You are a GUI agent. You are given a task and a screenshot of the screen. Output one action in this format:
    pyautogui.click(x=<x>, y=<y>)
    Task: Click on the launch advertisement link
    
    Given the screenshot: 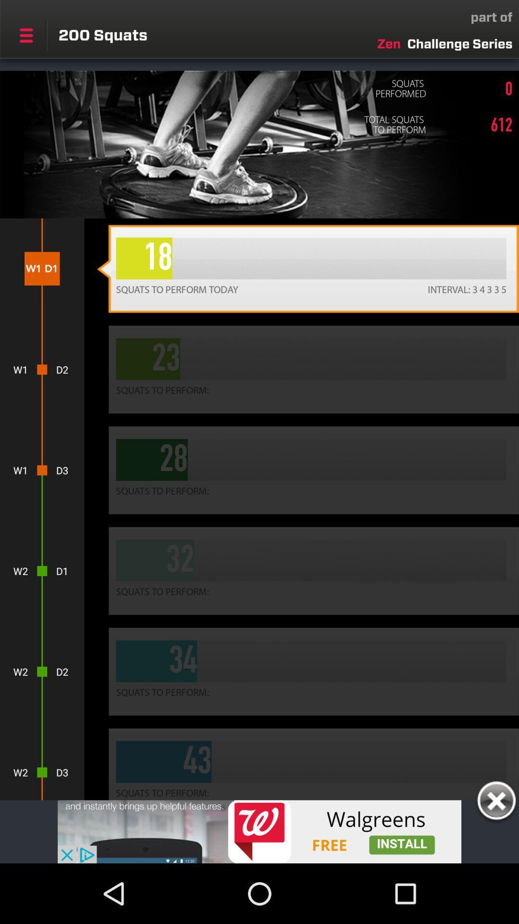 What is the action you would take?
    pyautogui.click(x=259, y=831)
    